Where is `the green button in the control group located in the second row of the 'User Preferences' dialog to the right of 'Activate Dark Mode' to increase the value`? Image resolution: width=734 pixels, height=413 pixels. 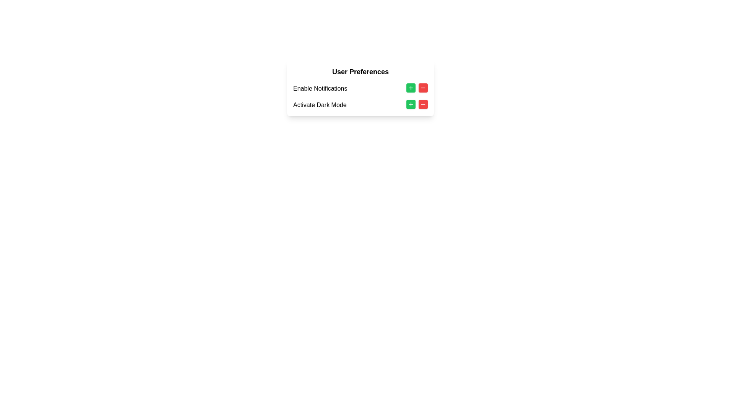 the green button in the control group located in the second row of the 'User Preferences' dialog to the right of 'Activate Dark Mode' to increase the value is located at coordinates (416, 104).